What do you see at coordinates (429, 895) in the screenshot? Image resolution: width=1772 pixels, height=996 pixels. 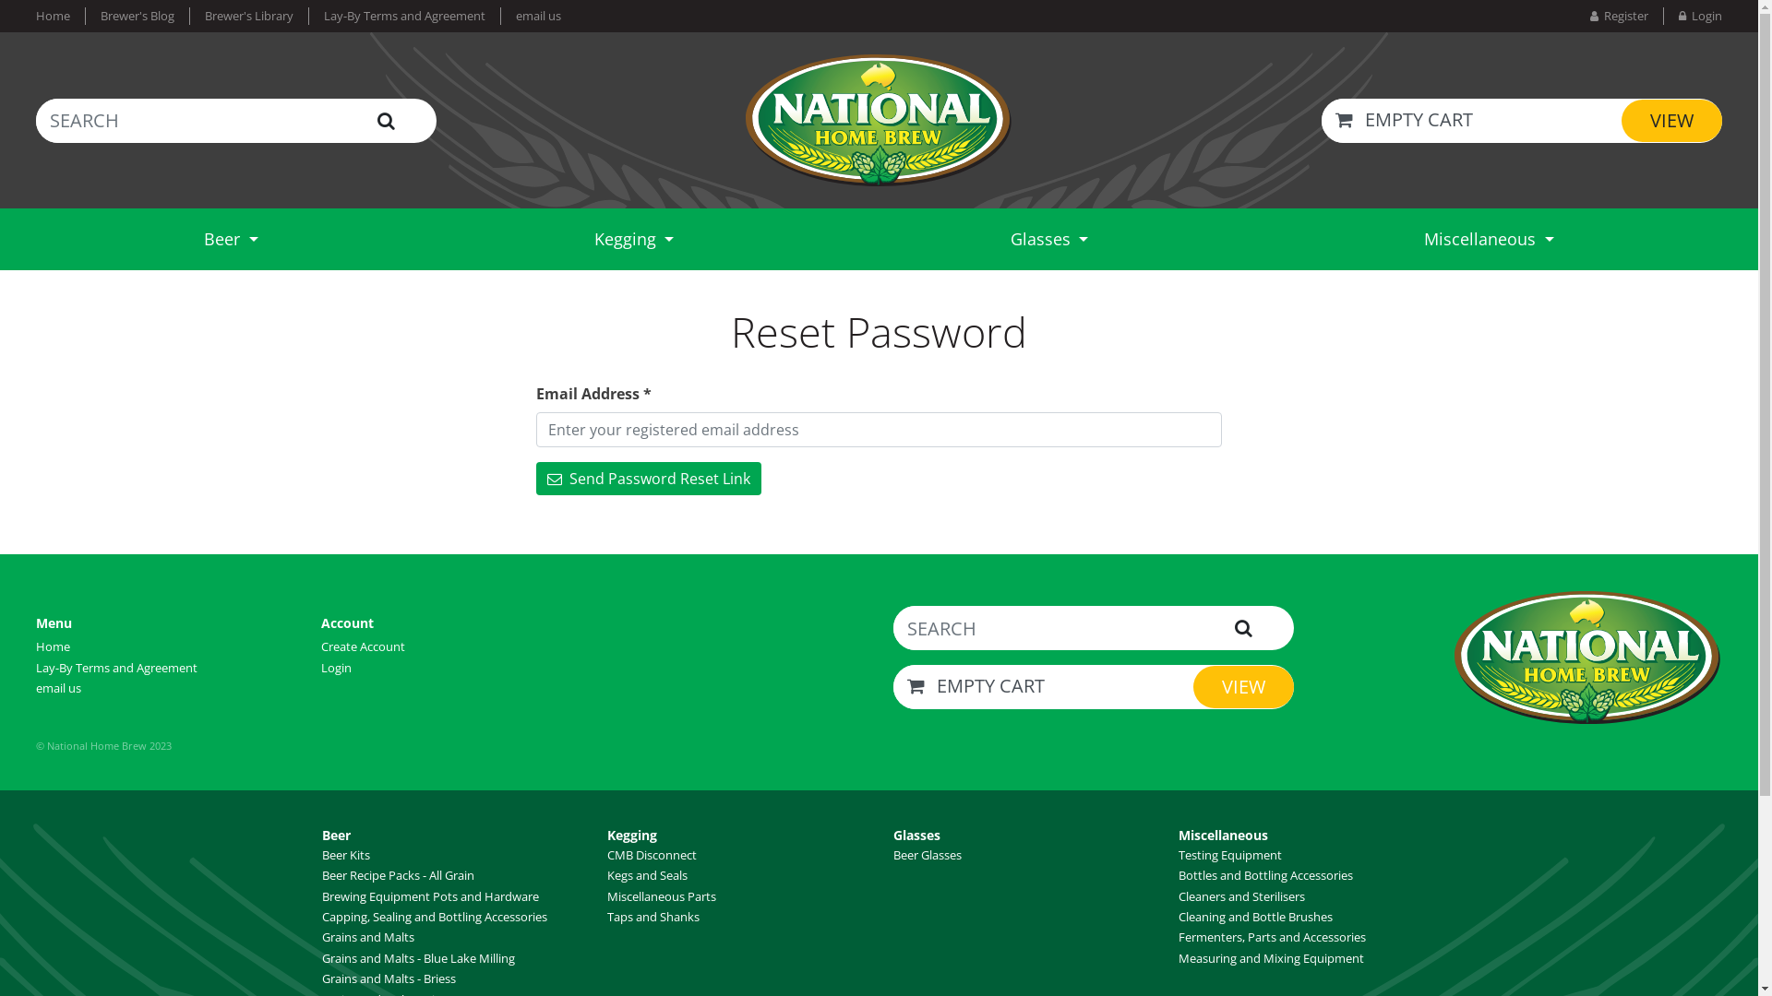 I see `'Brewing Equipment Pots and Hardware'` at bounding box center [429, 895].